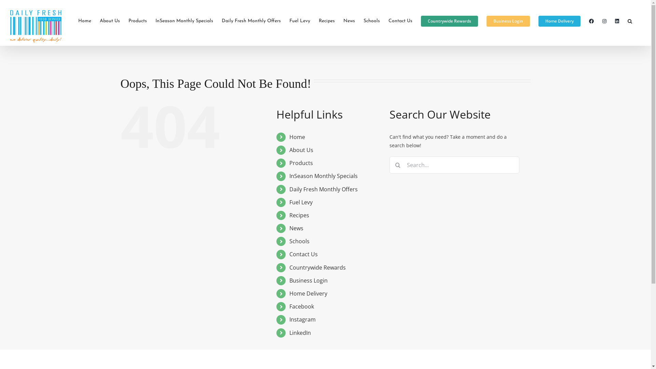 This screenshot has height=369, width=656. Describe the element at coordinates (629, 20) in the screenshot. I see `'Search'` at that location.